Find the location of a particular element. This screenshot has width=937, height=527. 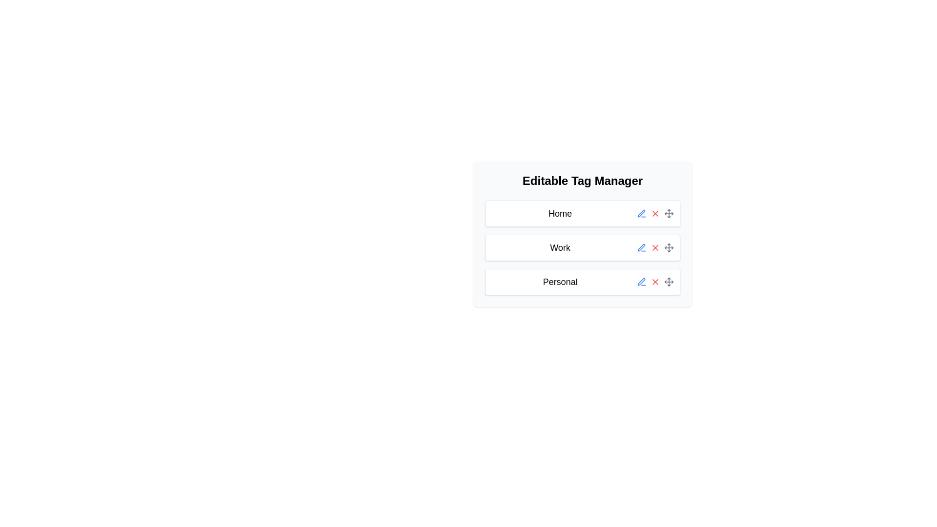

the icon group consisting of edit, delete, and move actions in the Personal row of the Editable Tag Manager is located at coordinates (655, 282).